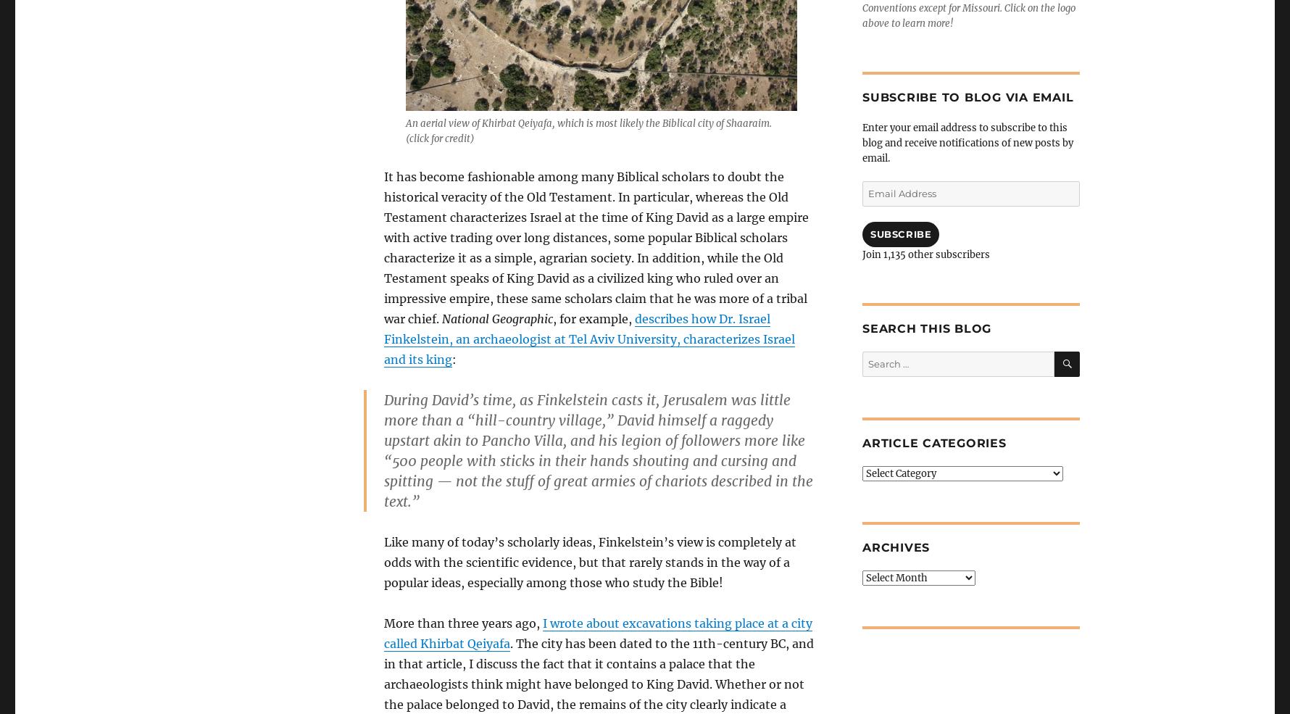  I want to click on ':', so click(454, 360).